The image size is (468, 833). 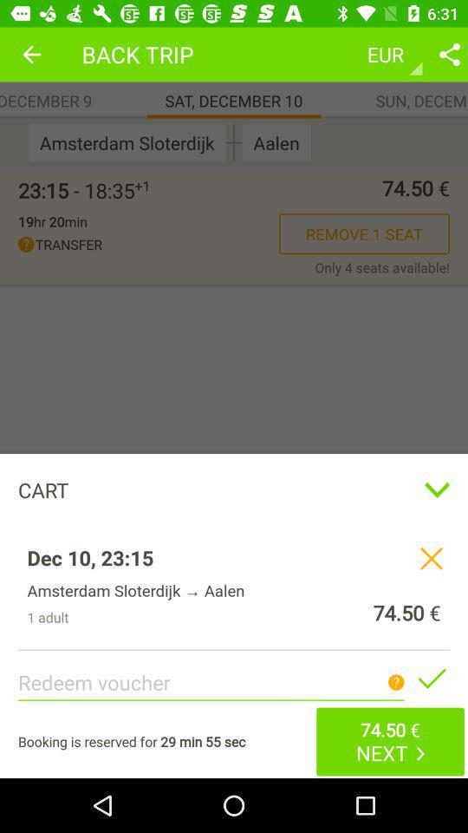 What do you see at coordinates (148, 244) in the screenshot?
I see `the icon next to remove 1 seat icon` at bounding box center [148, 244].